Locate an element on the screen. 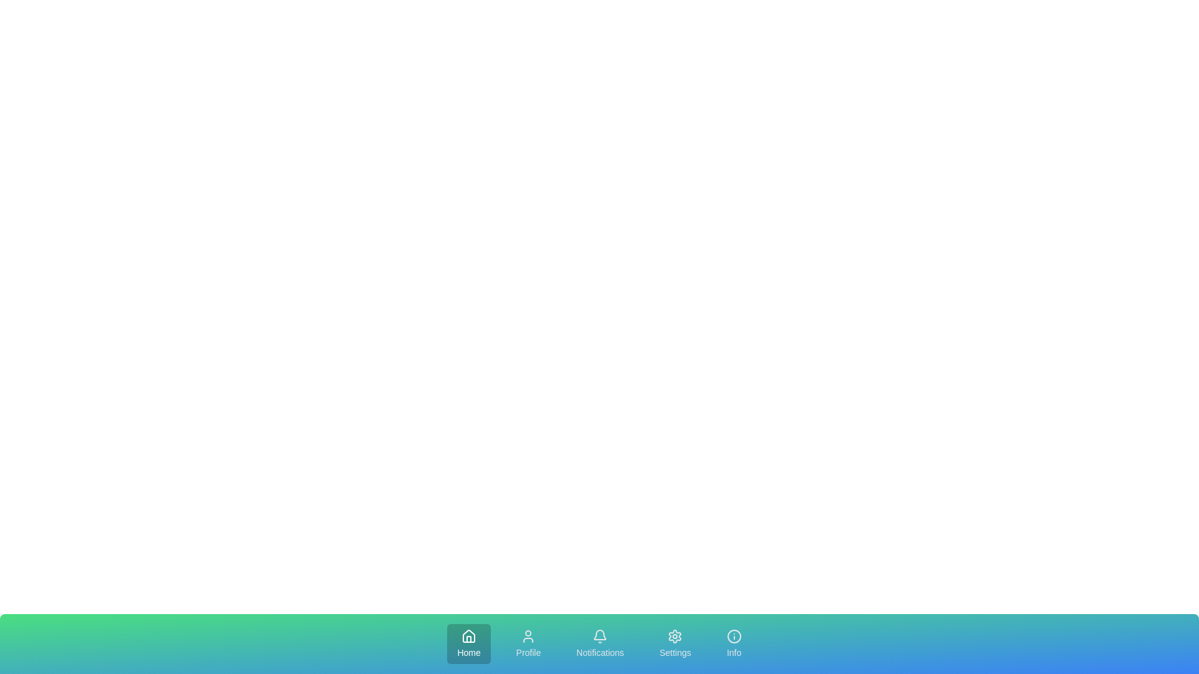 The image size is (1199, 674). the Notifications tab in the bottom navigation bar is located at coordinates (600, 644).